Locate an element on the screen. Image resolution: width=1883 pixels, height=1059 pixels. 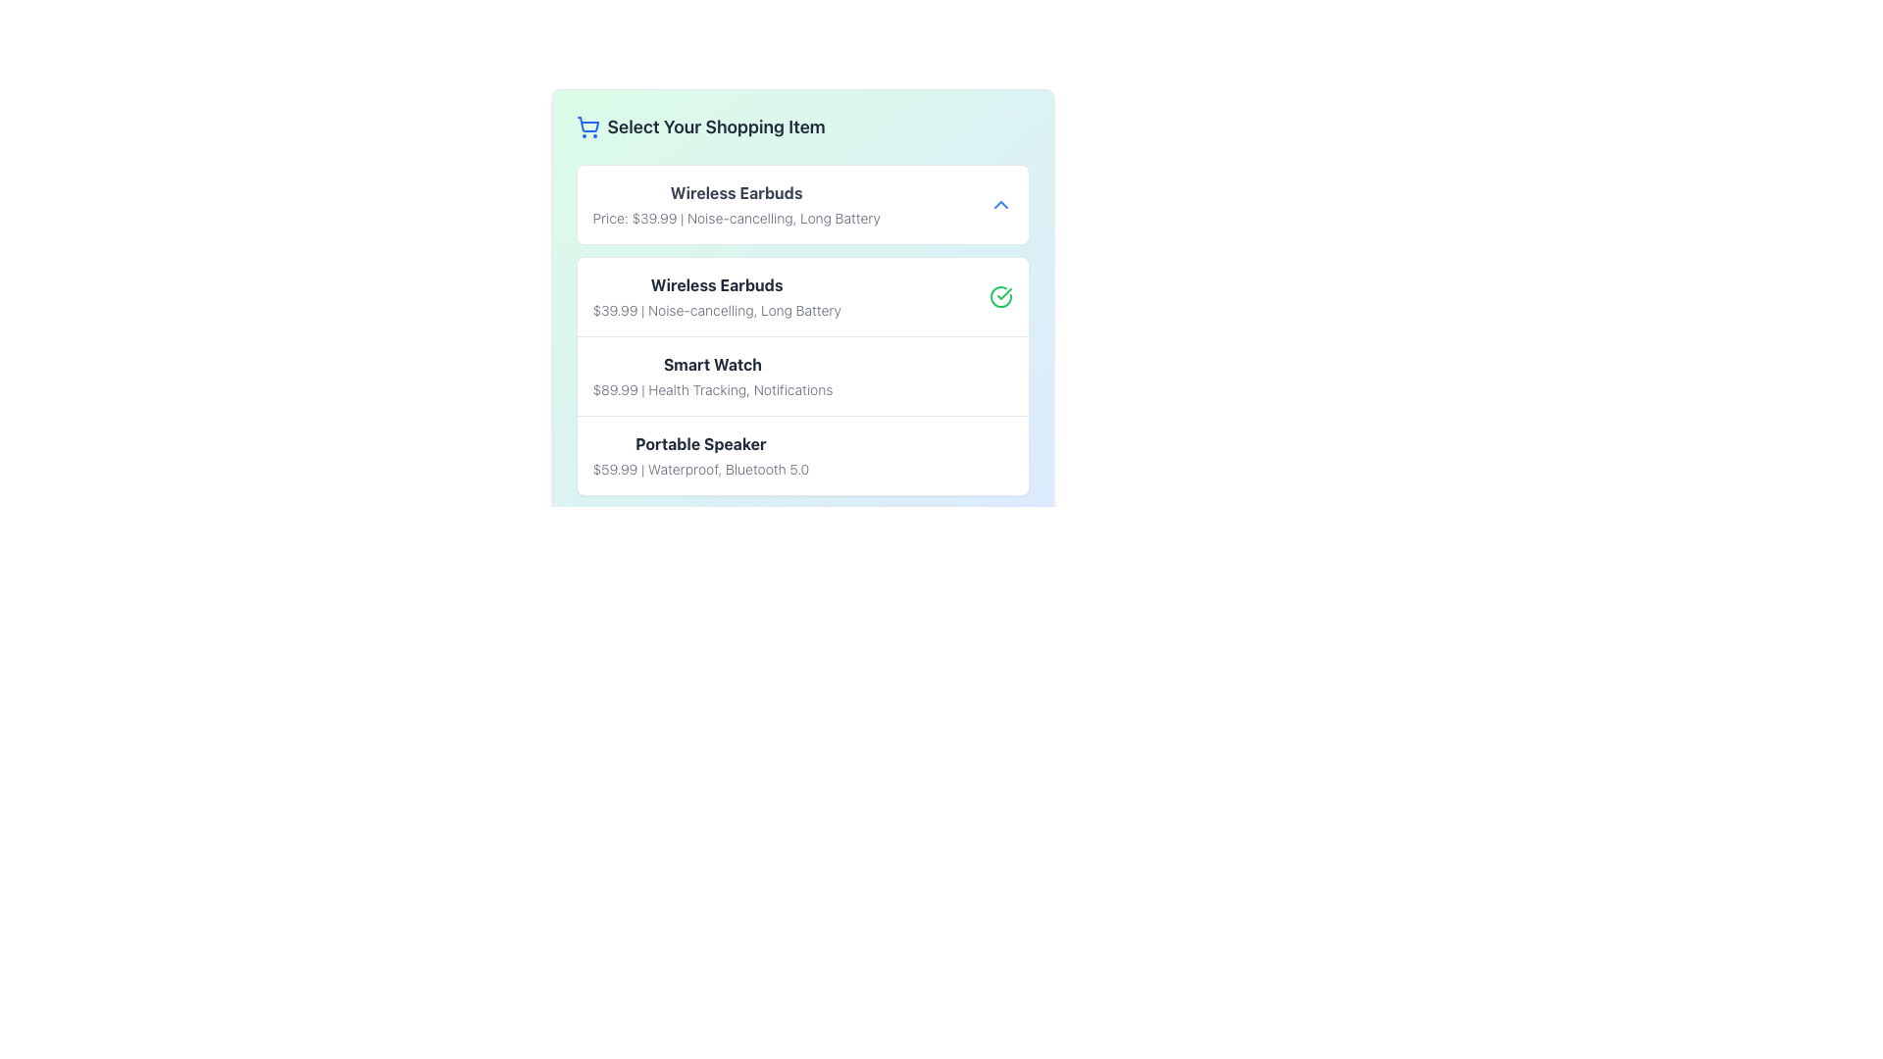
the bold text label displaying 'Wireless Earbuds', which is positioned at the top of the shopping item card and is visually distinct with a larger font size and dark gray color is located at coordinates (736, 192).